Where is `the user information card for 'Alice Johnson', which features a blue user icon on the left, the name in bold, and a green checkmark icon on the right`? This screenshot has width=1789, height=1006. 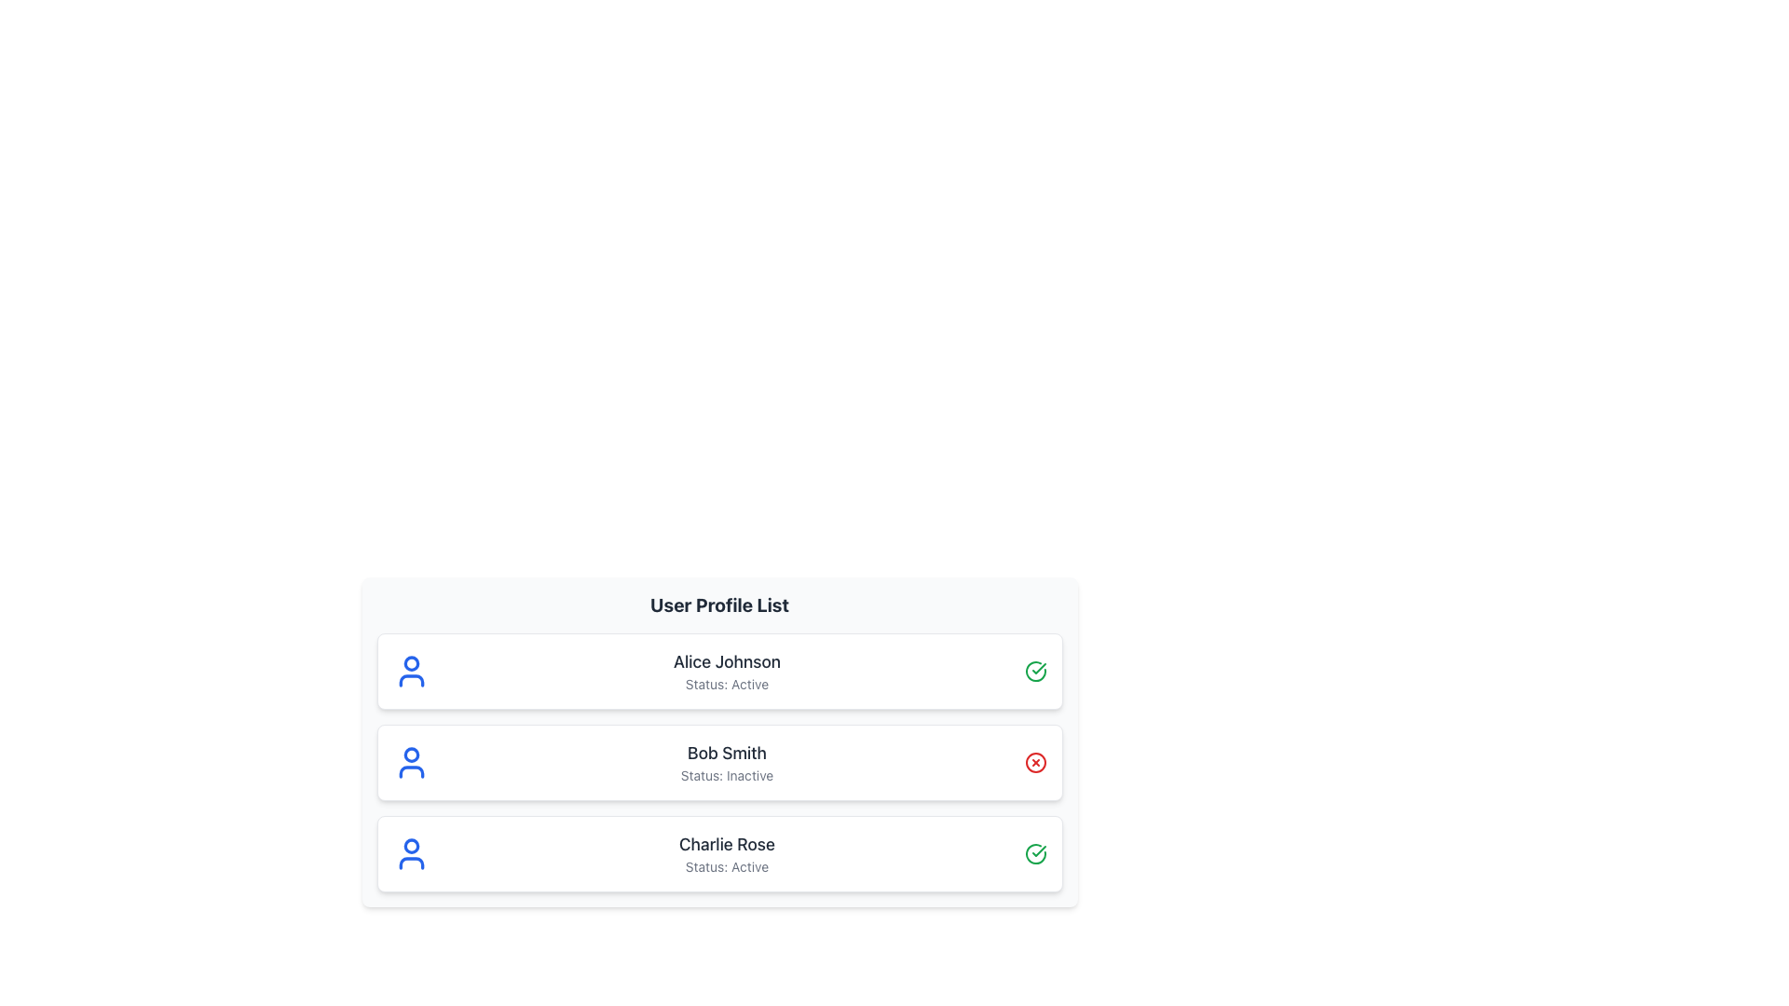
the user information card for 'Alice Johnson', which features a blue user icon on the left, the name in bold, and a green checkmark icon on the right is located at coordinates (718, 672).